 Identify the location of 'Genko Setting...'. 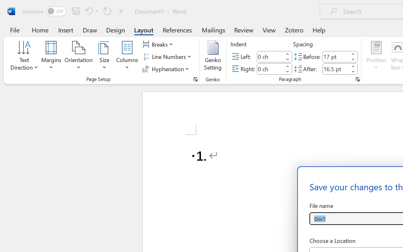
(213, 56).